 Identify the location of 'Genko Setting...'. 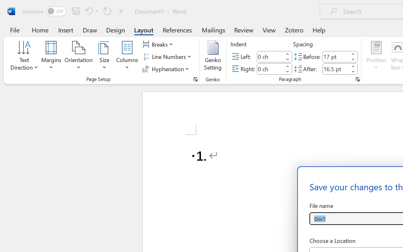
(213, 56).